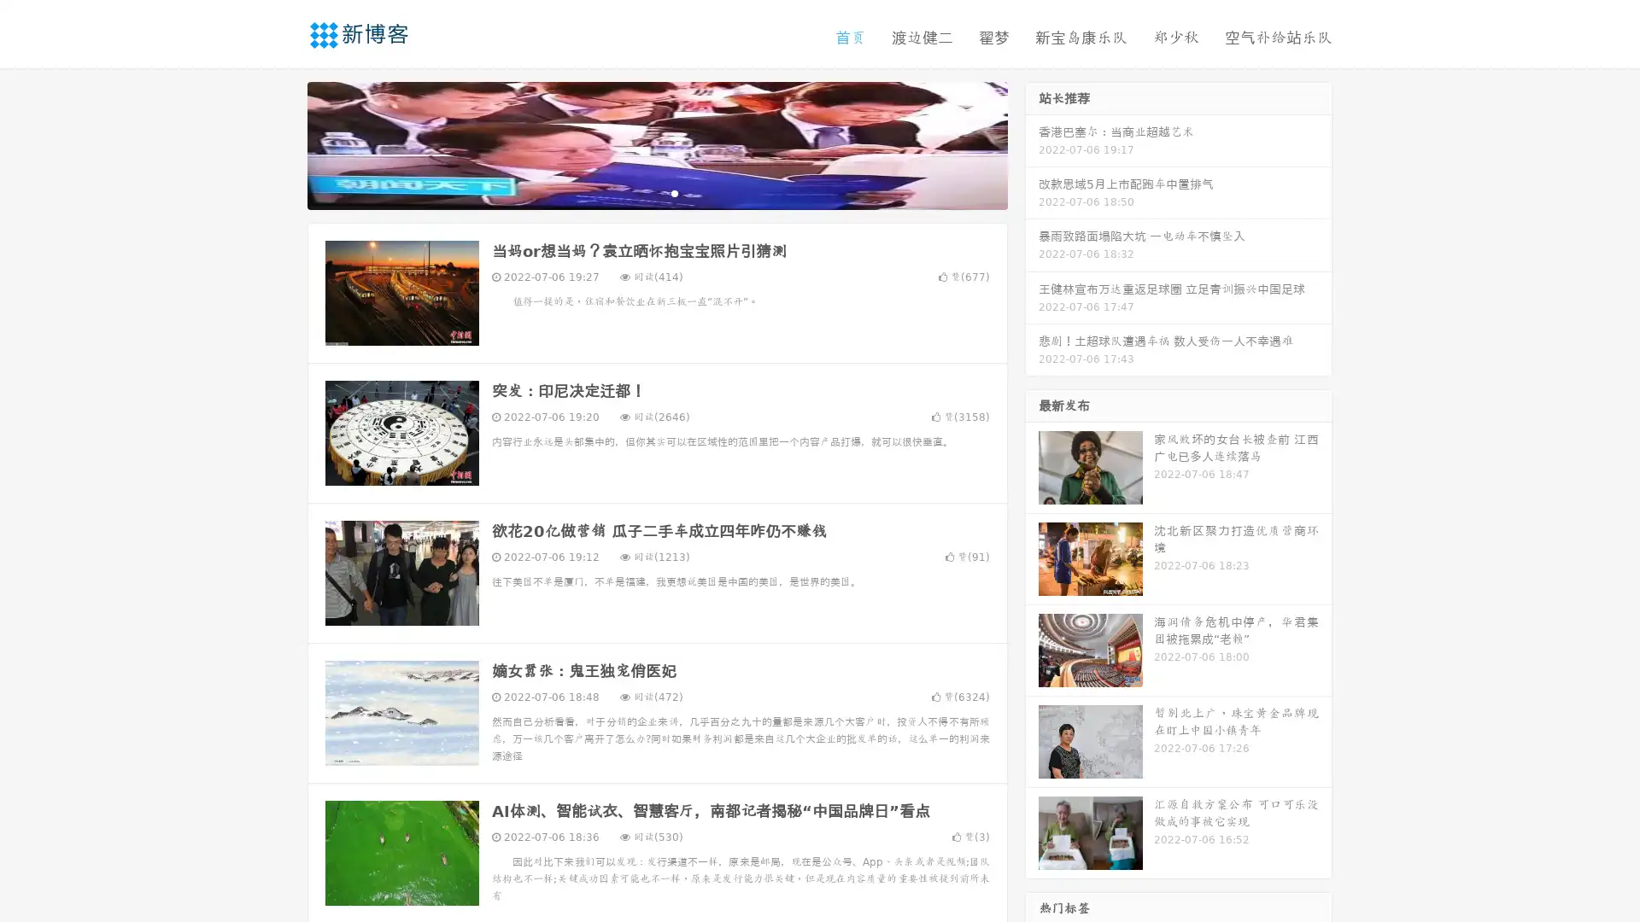  Describe the element at coordinates (639, 192) in the screenshot. I see `Go to slide 1` at that location.